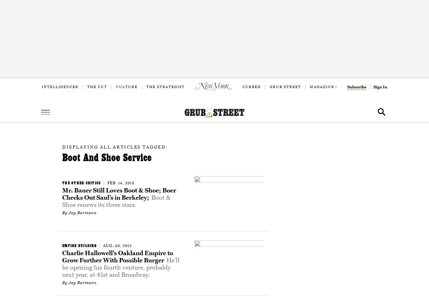 Image resolution: width=429 pixels, height=300 pixels. What do you see at coordinates (356, 87) in the screenshot?
I see `'Subscribe'` at bounding box center [356, 87].